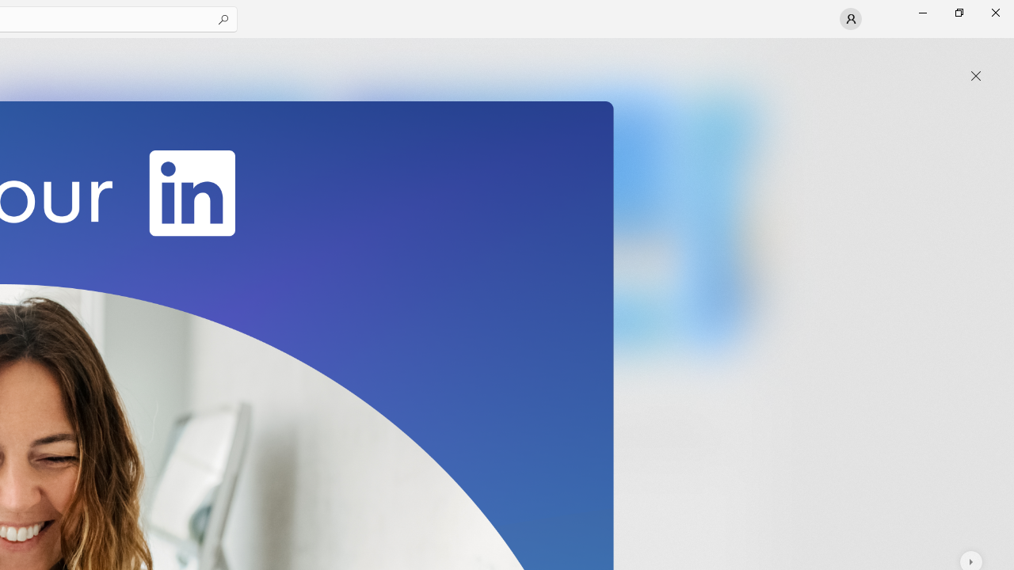  What do you see at coordinates (975, 76) in the screenshot?
I see `'close popup window'` at bounding box center [975, 76].